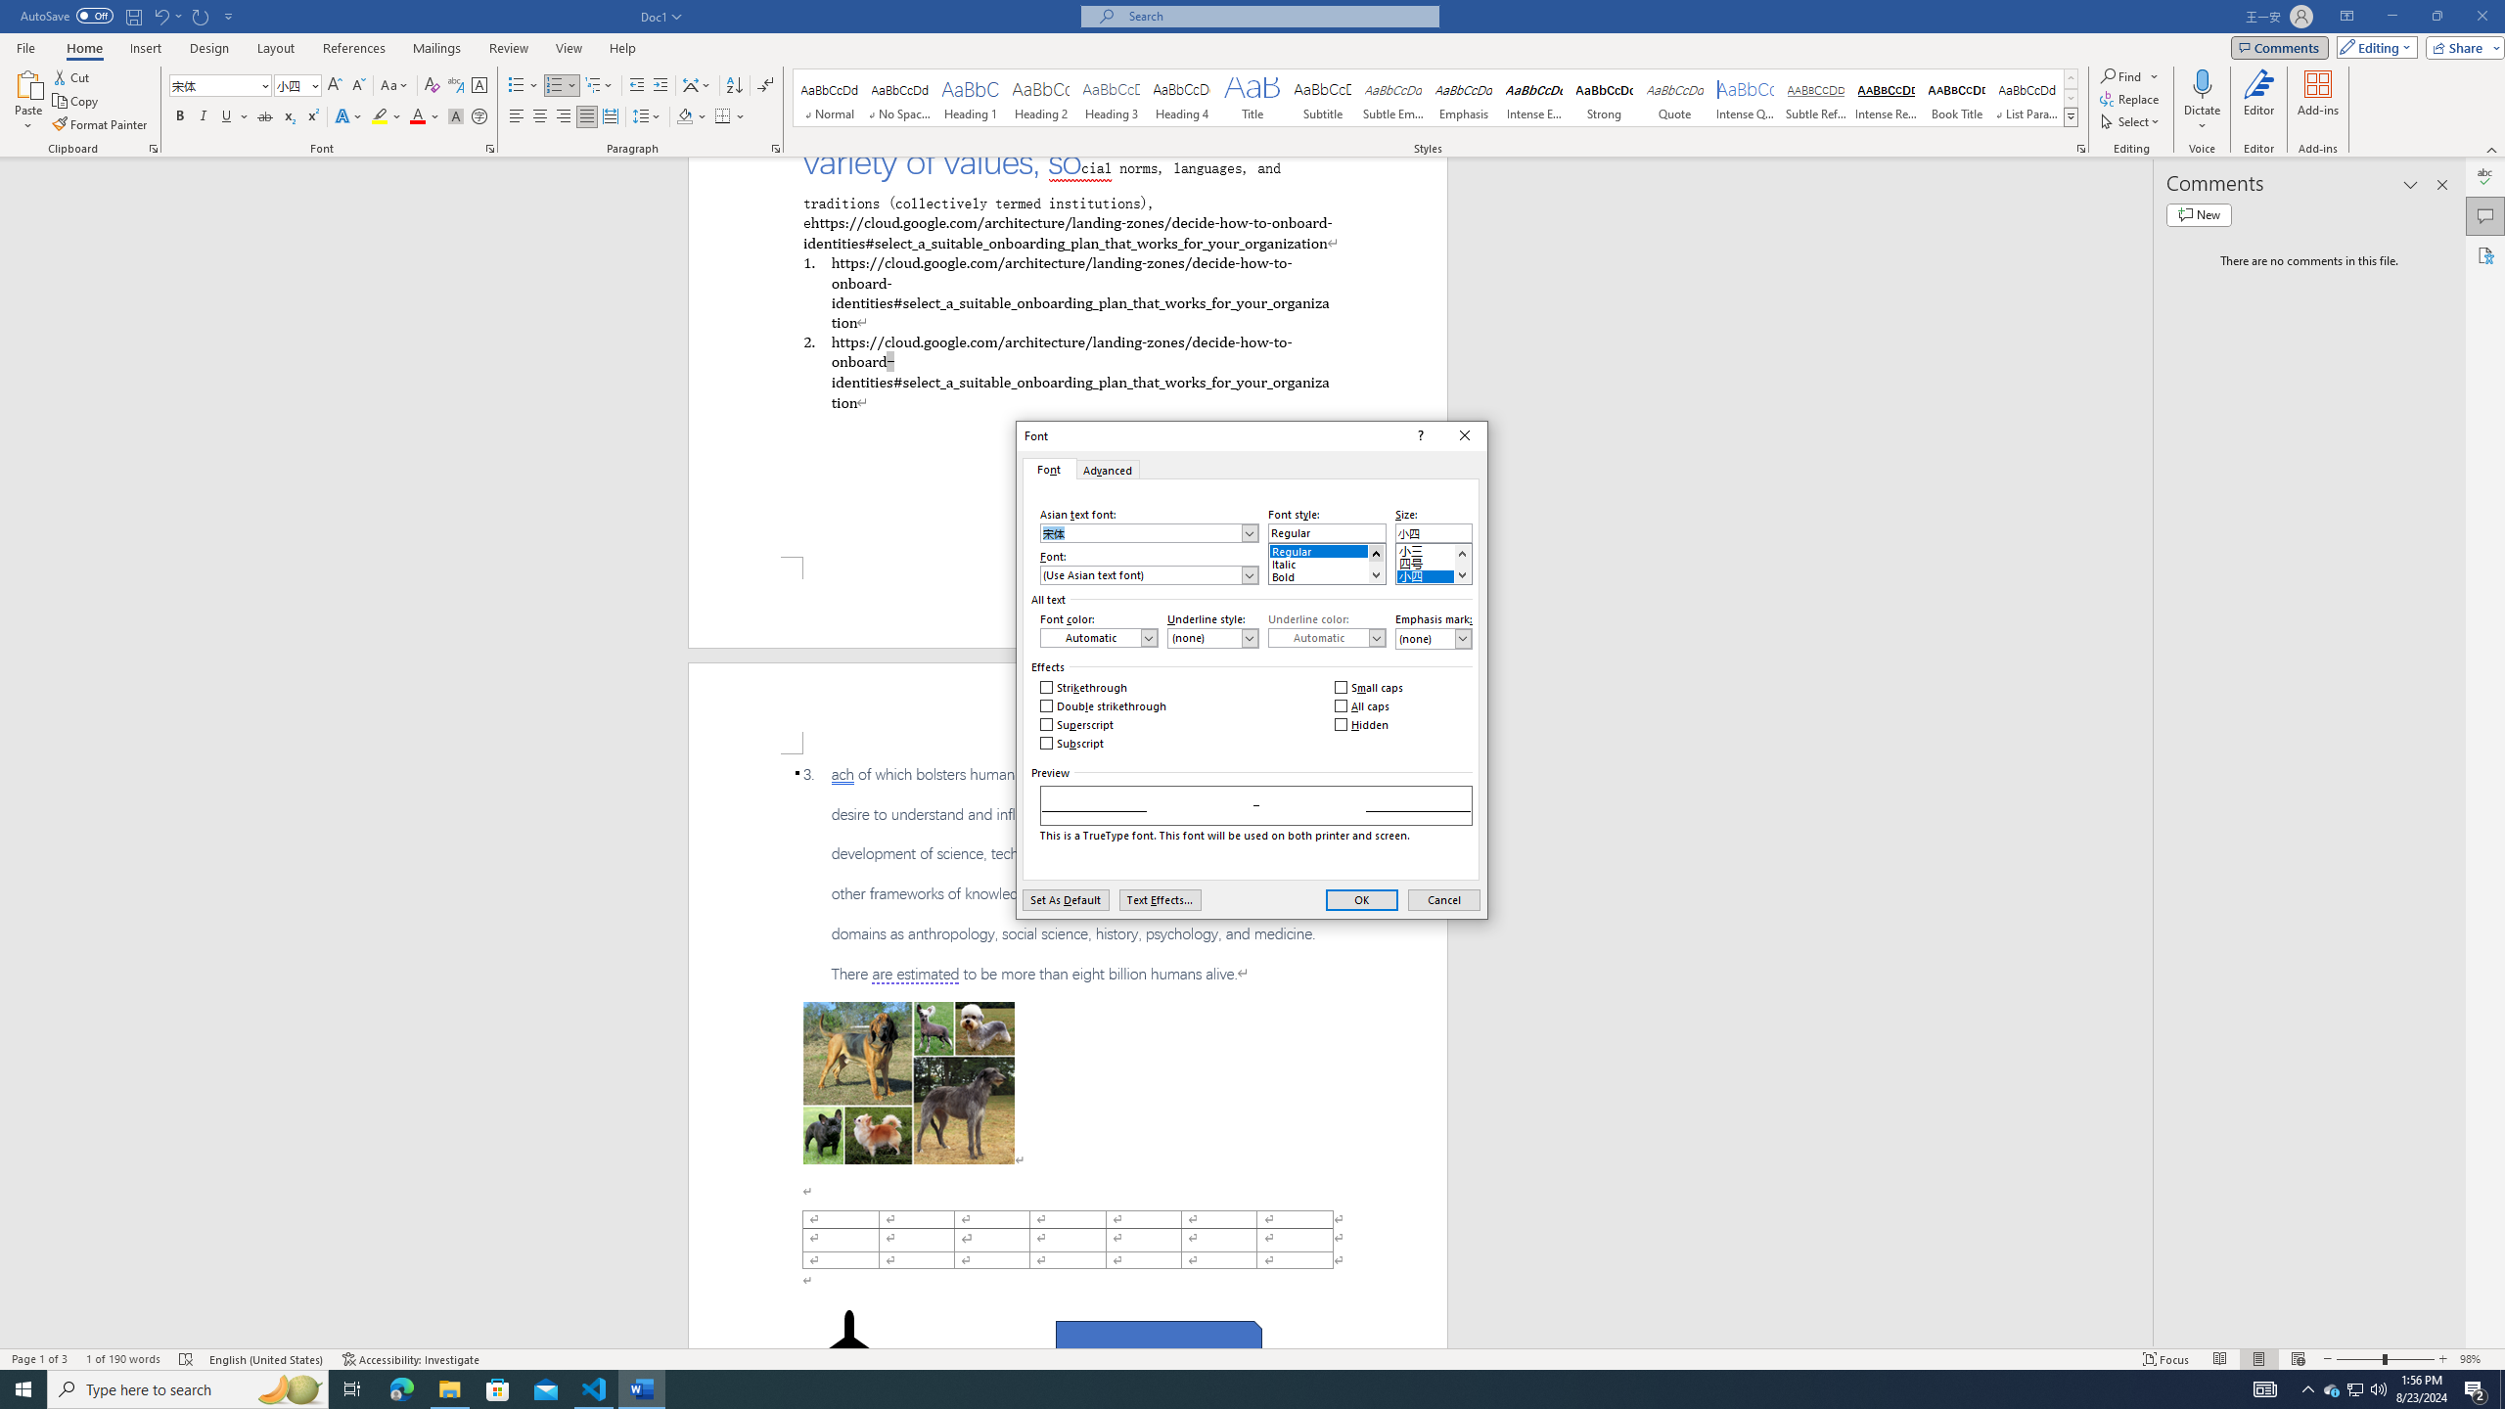 Image resolution: width=2505 pixels, height=1409 pixels. I want to click on 'Asian text font:', so click(1149, 532).